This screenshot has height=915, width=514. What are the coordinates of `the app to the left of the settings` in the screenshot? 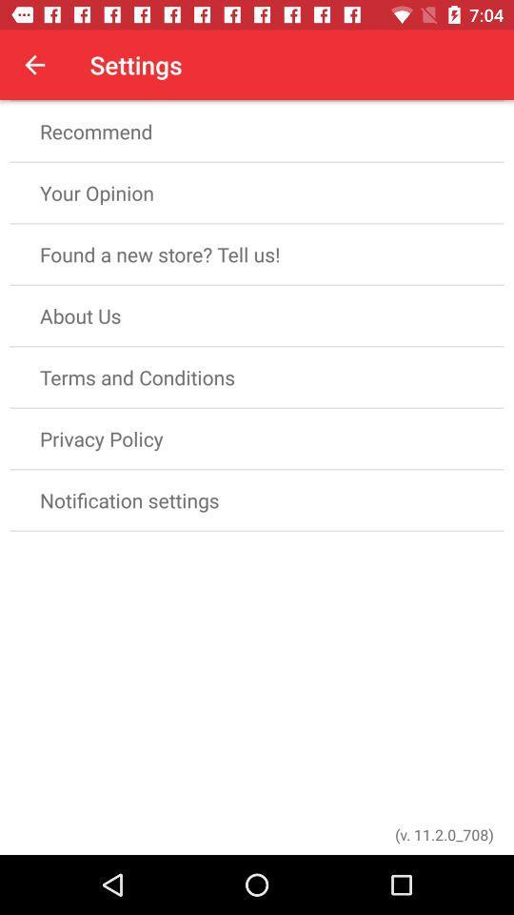 It's located at (34, 65).